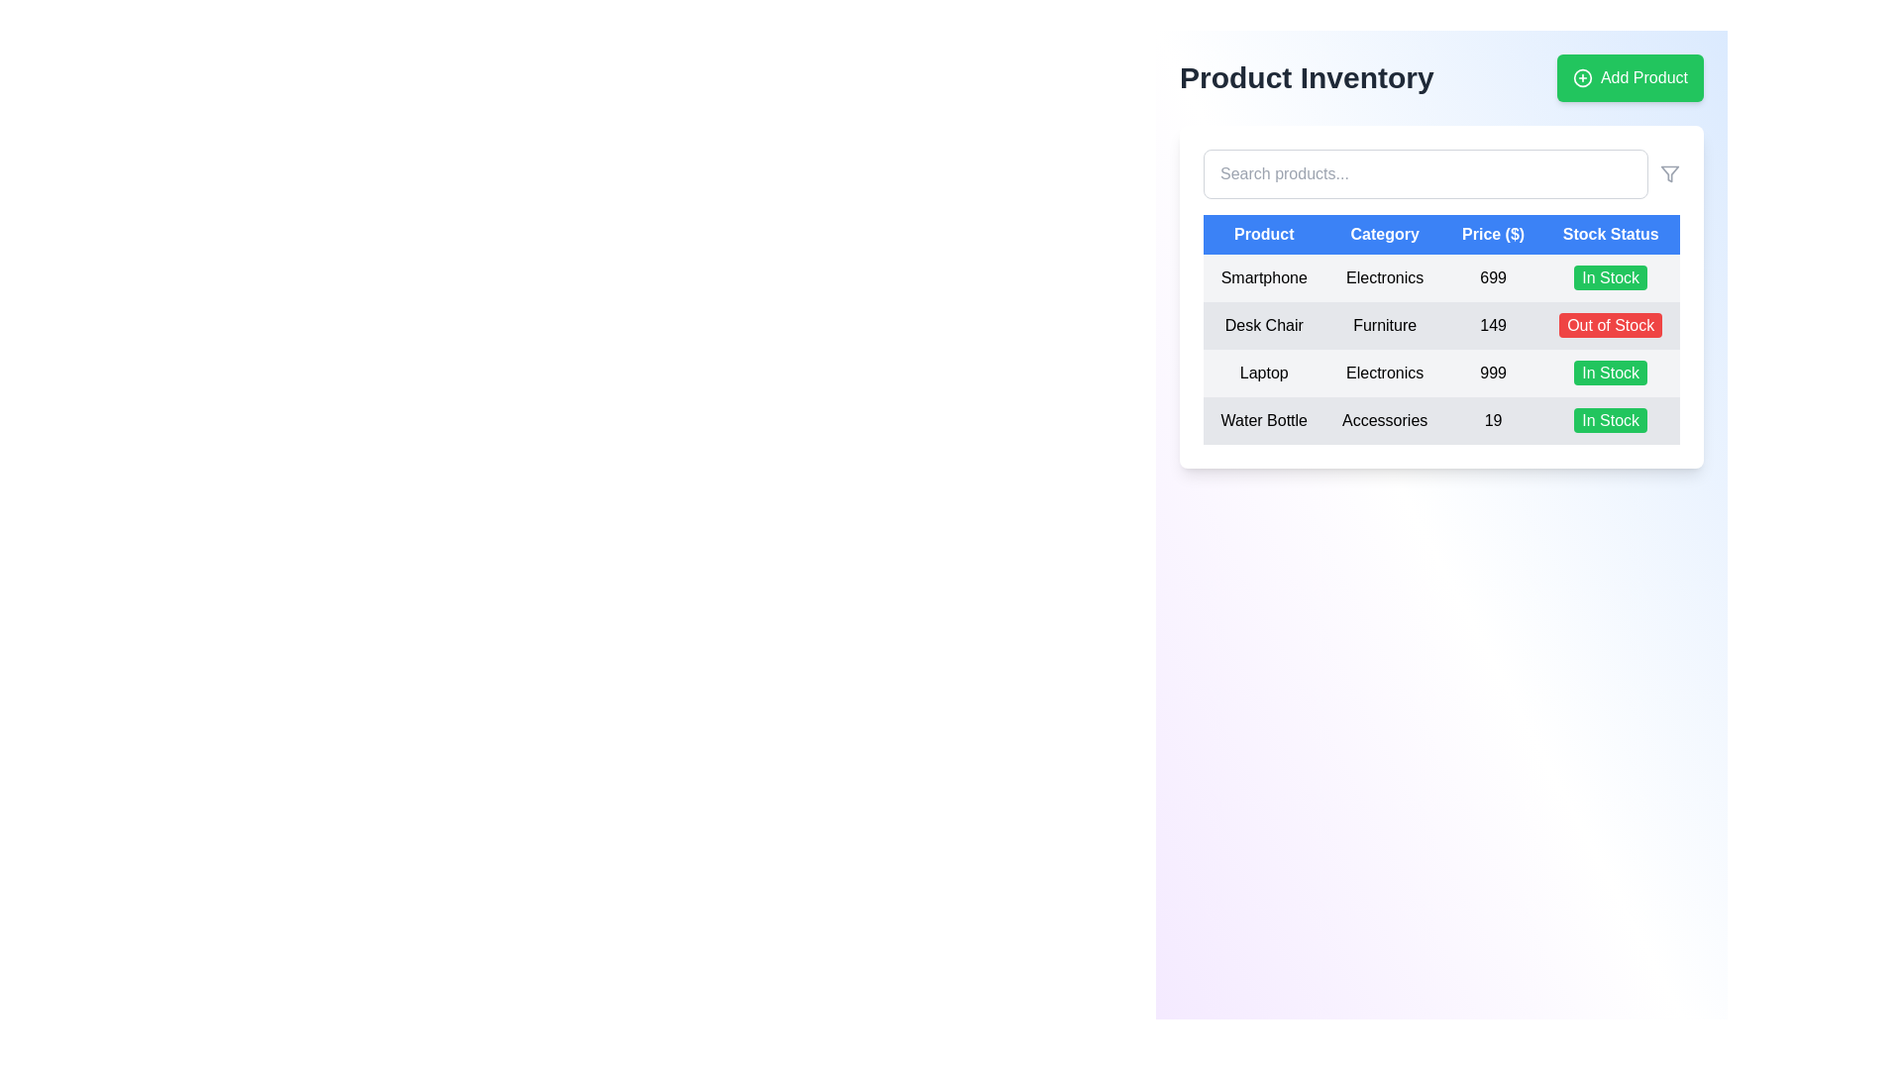 This screenshot has width=1902, height=1070. I want to click on the search bar input field with placeholder 'Search products...' to focus on it, so click(1441, 173).